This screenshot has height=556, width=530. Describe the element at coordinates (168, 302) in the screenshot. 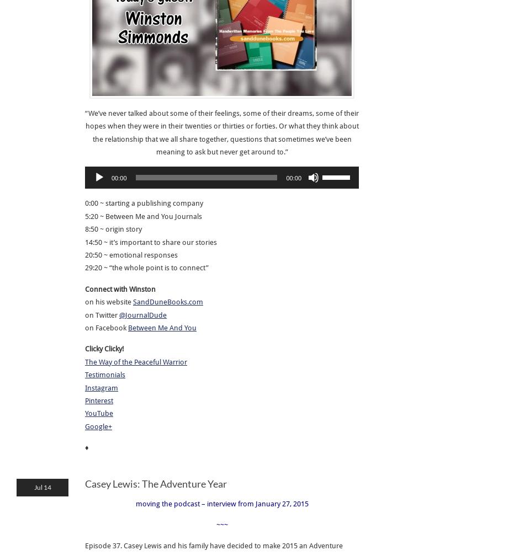

I see `'SandDuneBooks.com'` at that location.